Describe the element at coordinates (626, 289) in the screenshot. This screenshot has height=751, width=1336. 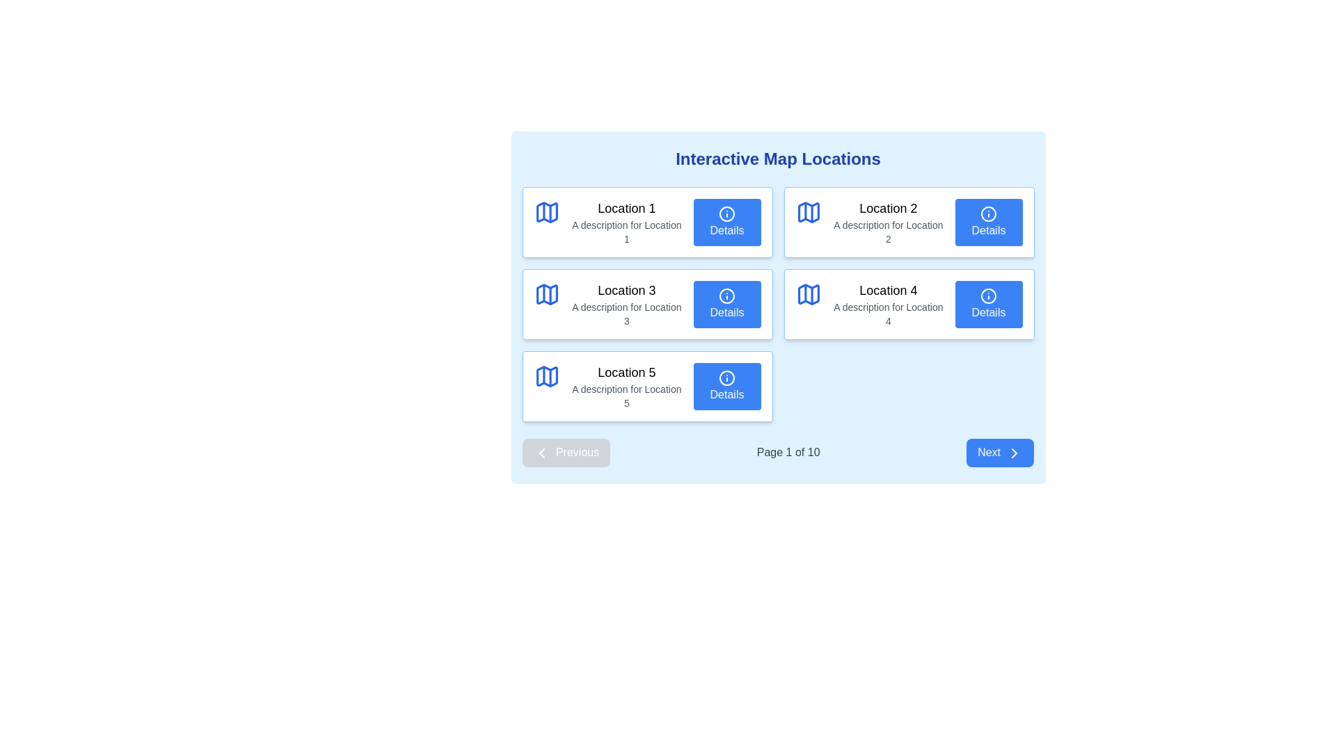
I see `text content of the 'Location 3' label, which is a bold text label located in the first row and second column of the grid` at that location.